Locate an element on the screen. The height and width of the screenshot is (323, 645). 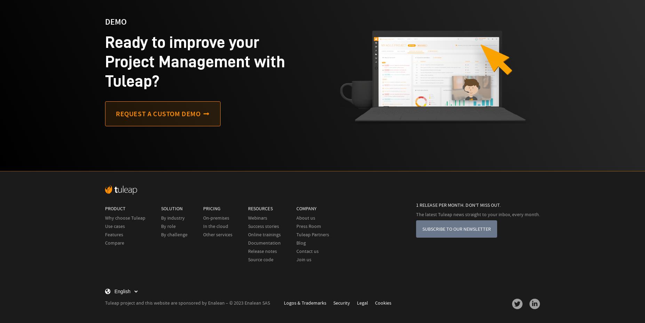
'About us' is located at coordinates (305, 218).